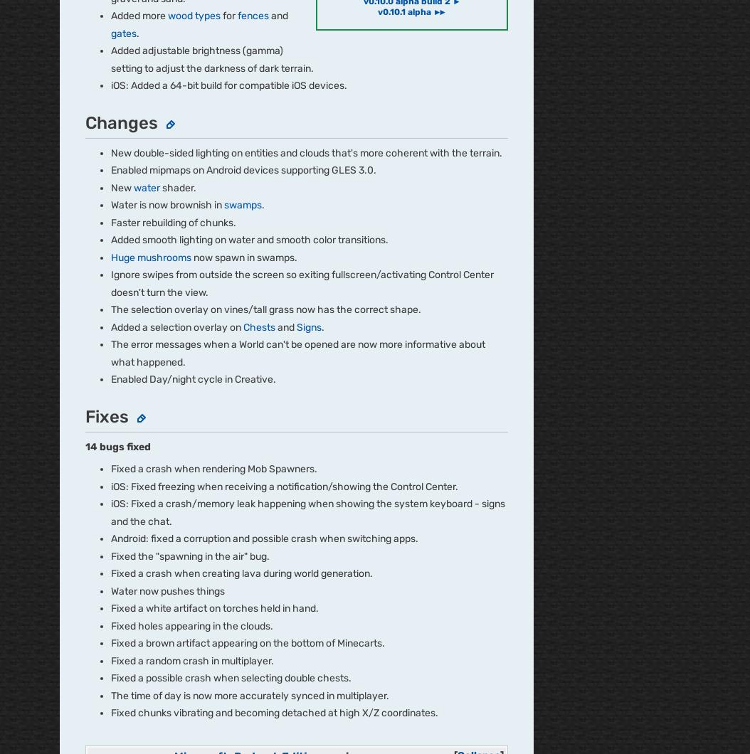  What do you see at coordinates (59, 387) in the screenshot?
I see `'Careers'` at bounding box center [59, 387].